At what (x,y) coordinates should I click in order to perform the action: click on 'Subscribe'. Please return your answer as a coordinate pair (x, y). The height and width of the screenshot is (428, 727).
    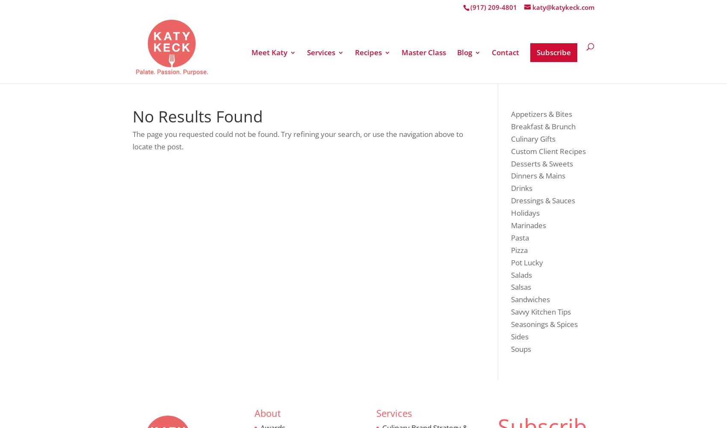
    Looking at the image, I should click on (554, 52).